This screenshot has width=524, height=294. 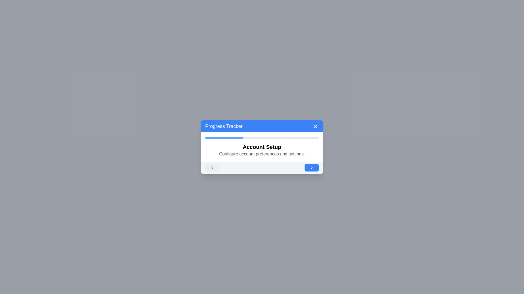 I want to click on the Progress bar located at the top of the 'Progress Tracker' modal dialog box, which visually represents the progress of a multi-step process, so click(x=262, y=137).